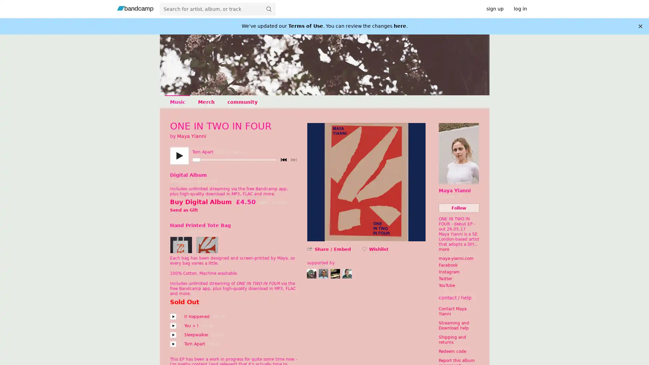 The image size is (649, 365). I want to click on Play You + I, so click(173, 325).